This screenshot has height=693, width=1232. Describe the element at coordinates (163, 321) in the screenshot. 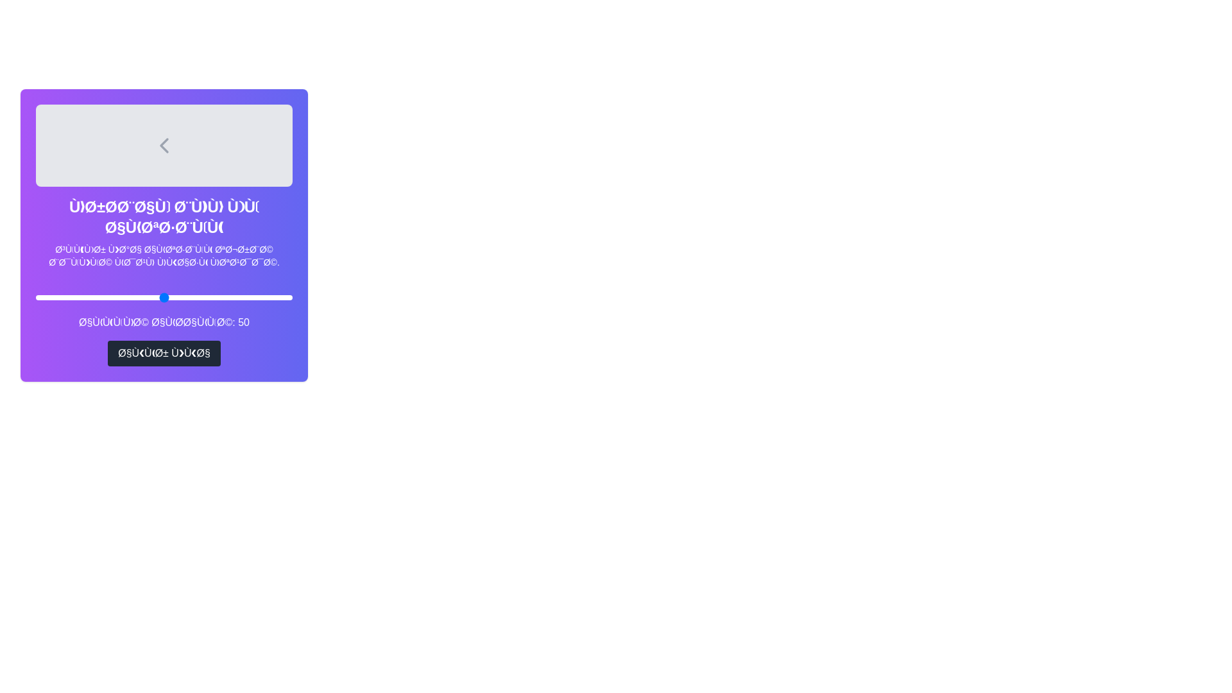

I see `static text label displaying the Arabic text 'القيمة الحالية: 50', which is styled in white on a purple to indigo gradient background` at that location.